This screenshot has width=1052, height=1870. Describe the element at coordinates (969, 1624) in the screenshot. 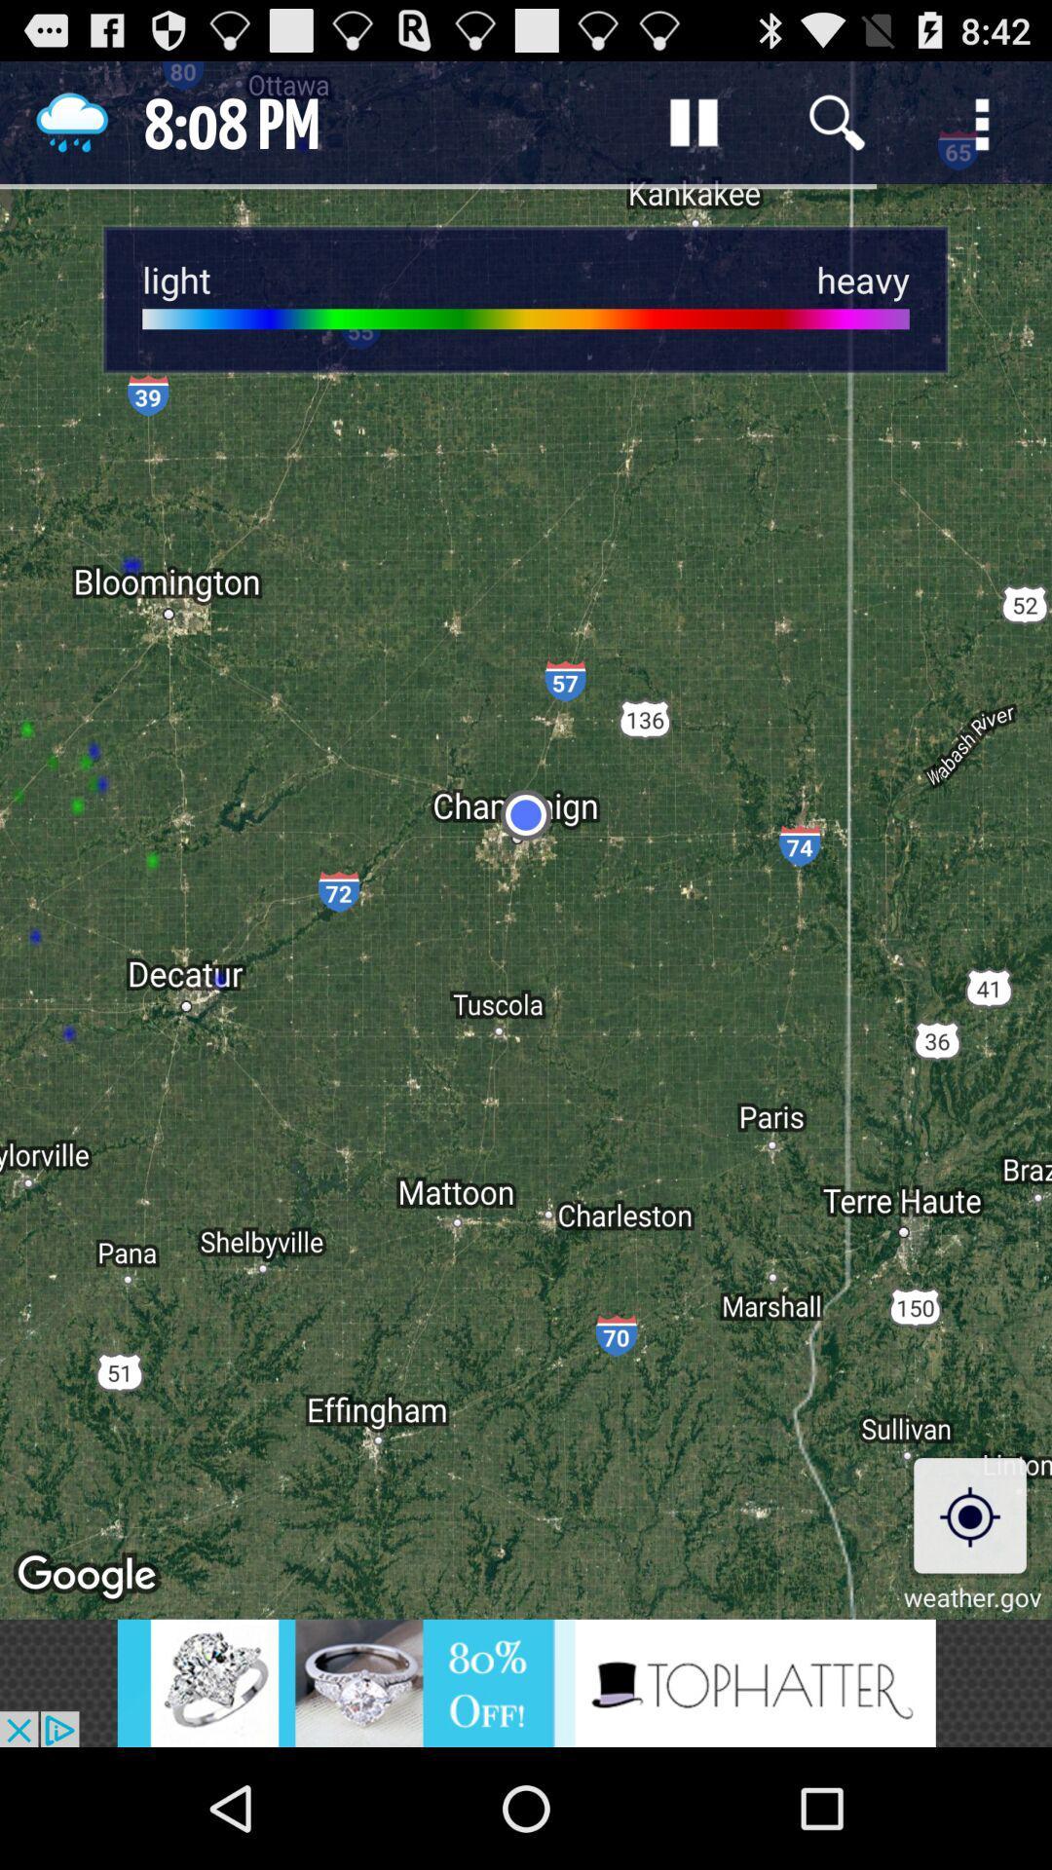

I see `the location_crosshair icon` at that location.